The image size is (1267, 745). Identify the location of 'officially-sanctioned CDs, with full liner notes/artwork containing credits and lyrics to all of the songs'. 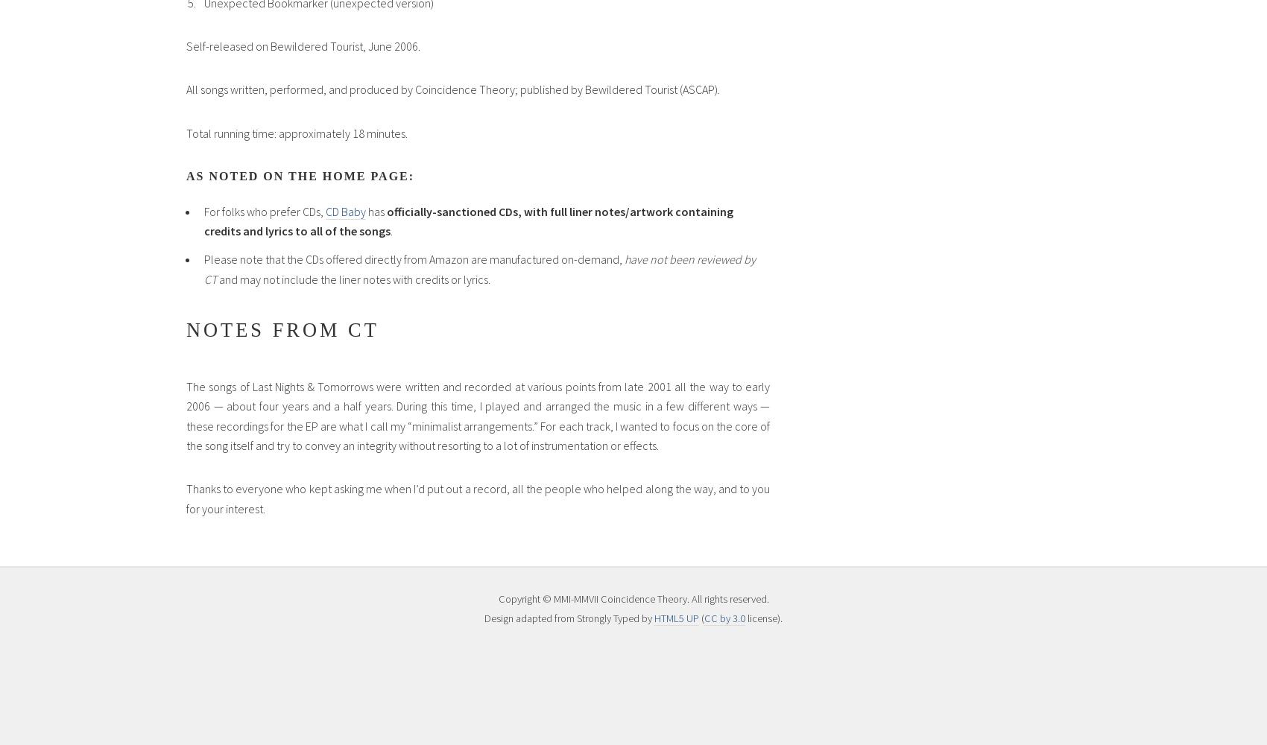
(468, 221).